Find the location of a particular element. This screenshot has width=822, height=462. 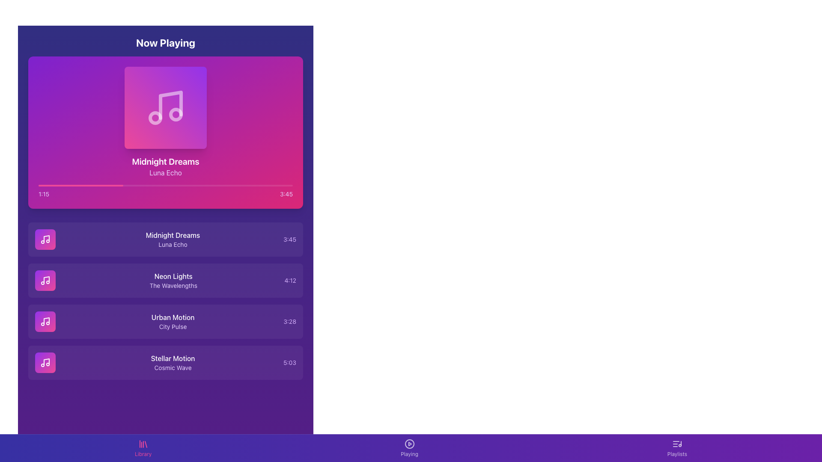

the rightmost component of the 'Library' icon in the bottom navigation bar, which is part of the visual representation for accessing the library section is located at coordinates (146, 444).